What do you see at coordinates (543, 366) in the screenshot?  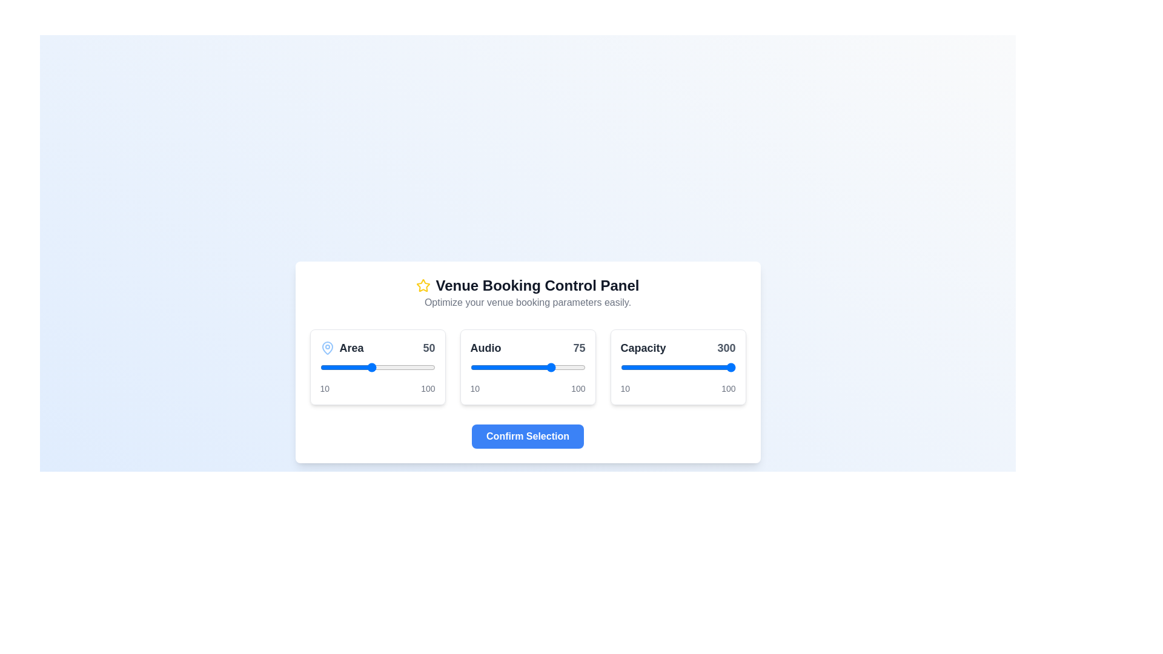 I see `the audio level` at bounding box center [543, 366].